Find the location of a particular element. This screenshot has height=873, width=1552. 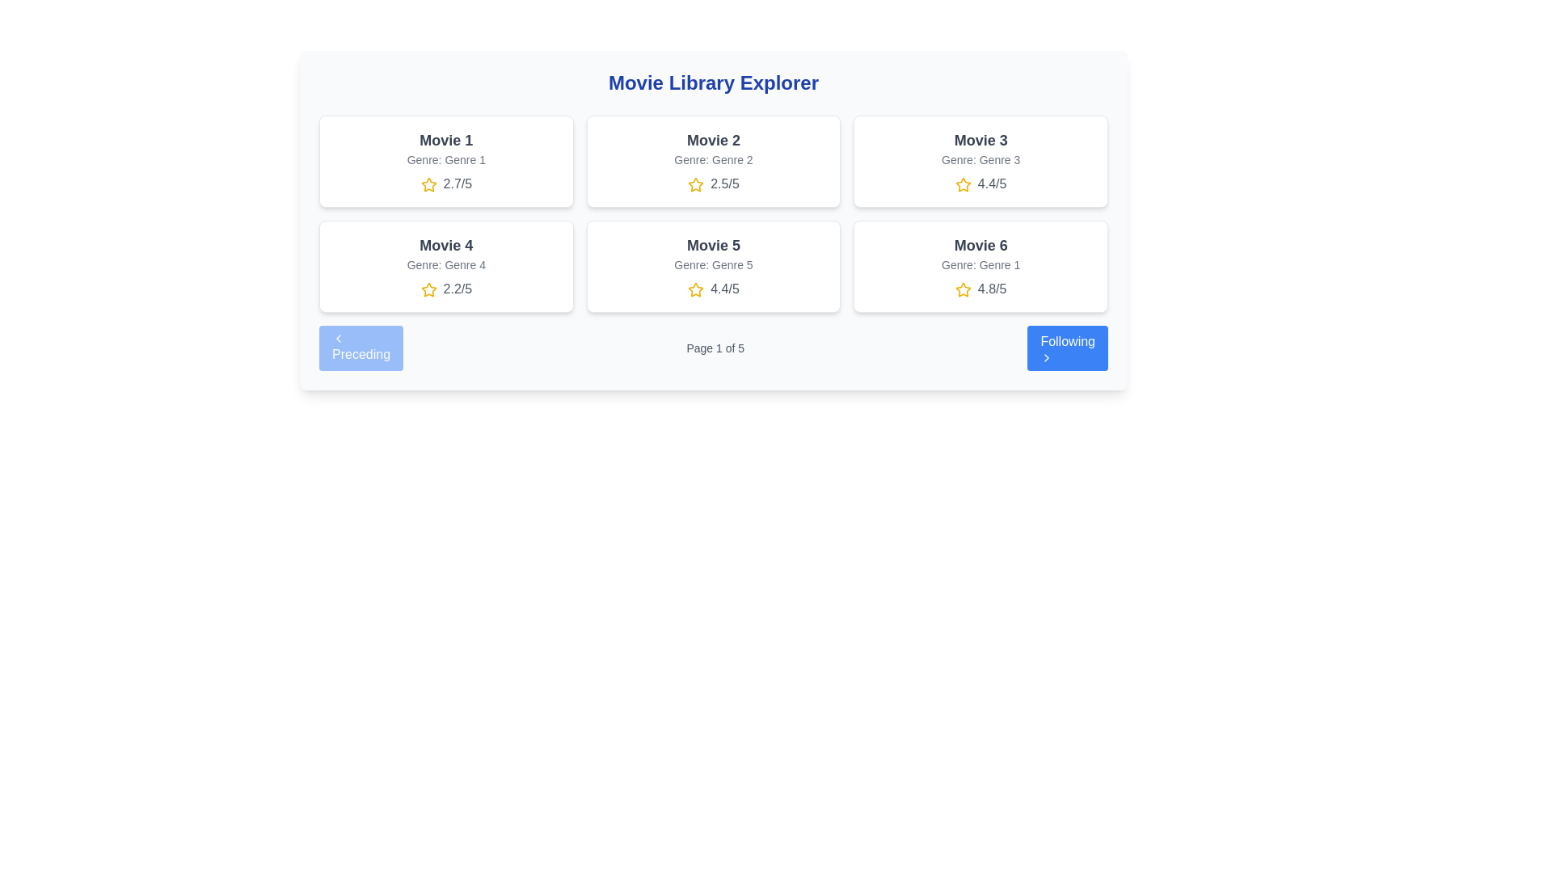

the fully filled yellow star icon representing ratings, located beneath the 'Movie 2' title in the movie cards grid is located at coordinates (696, 183).